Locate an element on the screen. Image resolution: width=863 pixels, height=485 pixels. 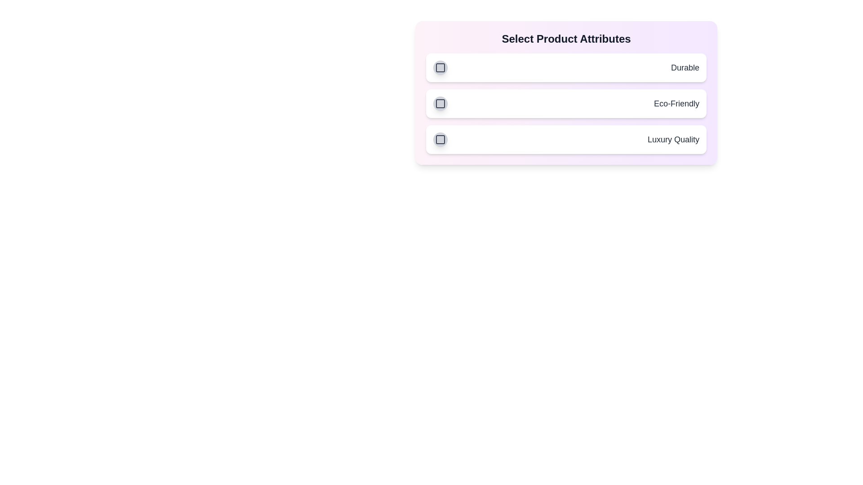
the attribute Luxury Quality by clicking its button is located at coordinates (440, 140).